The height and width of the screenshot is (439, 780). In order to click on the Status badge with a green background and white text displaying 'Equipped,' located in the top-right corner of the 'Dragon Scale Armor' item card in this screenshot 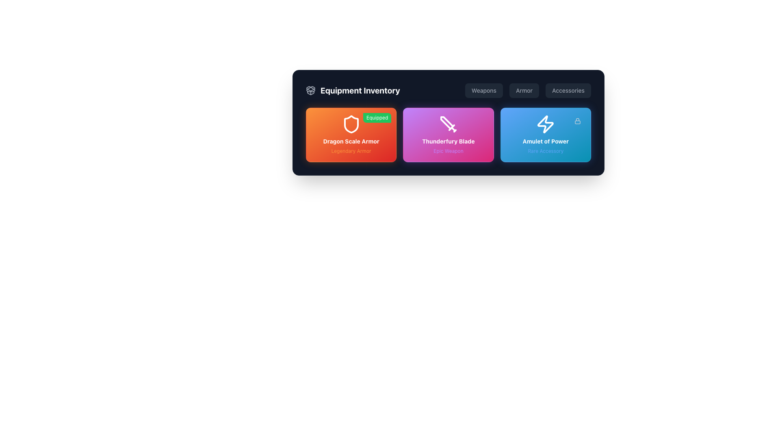, I will do `click(377, 117)`.